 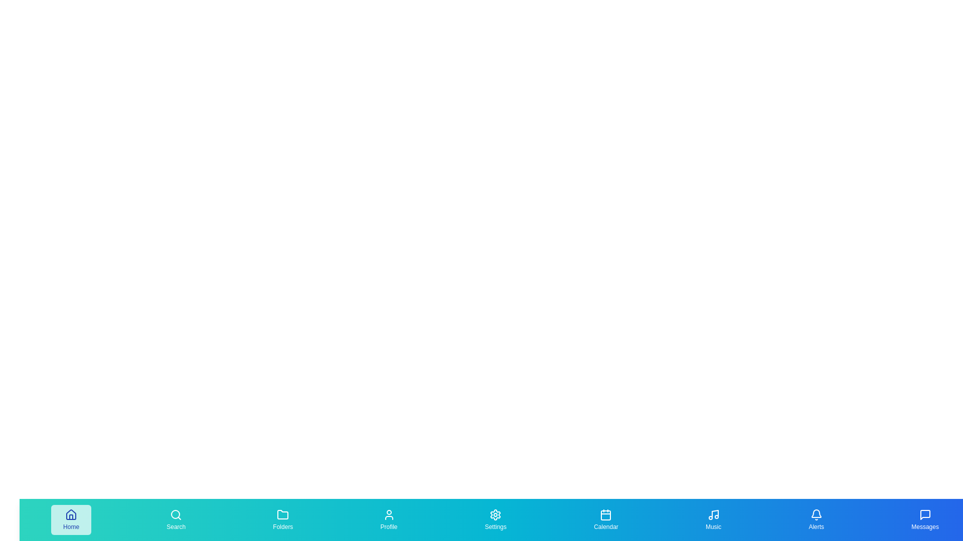 I want to click on the 'Music' tab in the bottom navigation bar, so click(x=713, y=519).